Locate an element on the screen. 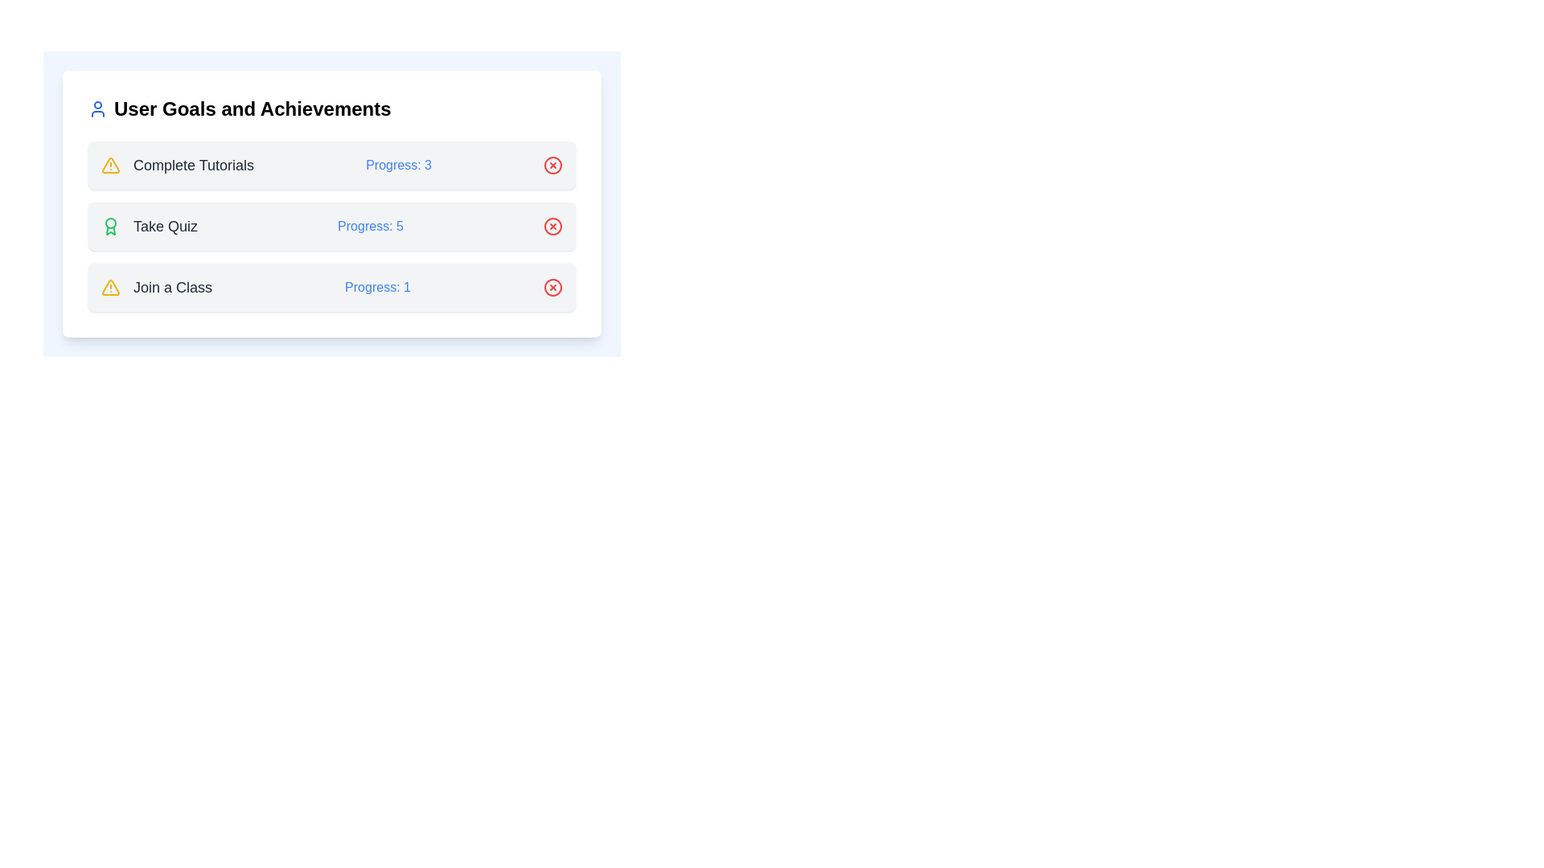  the Text Label that indicates an actionable task or achievement for the user, positioned in the third row of goals between an icon and a progress status is located at coordinates (173, 287).